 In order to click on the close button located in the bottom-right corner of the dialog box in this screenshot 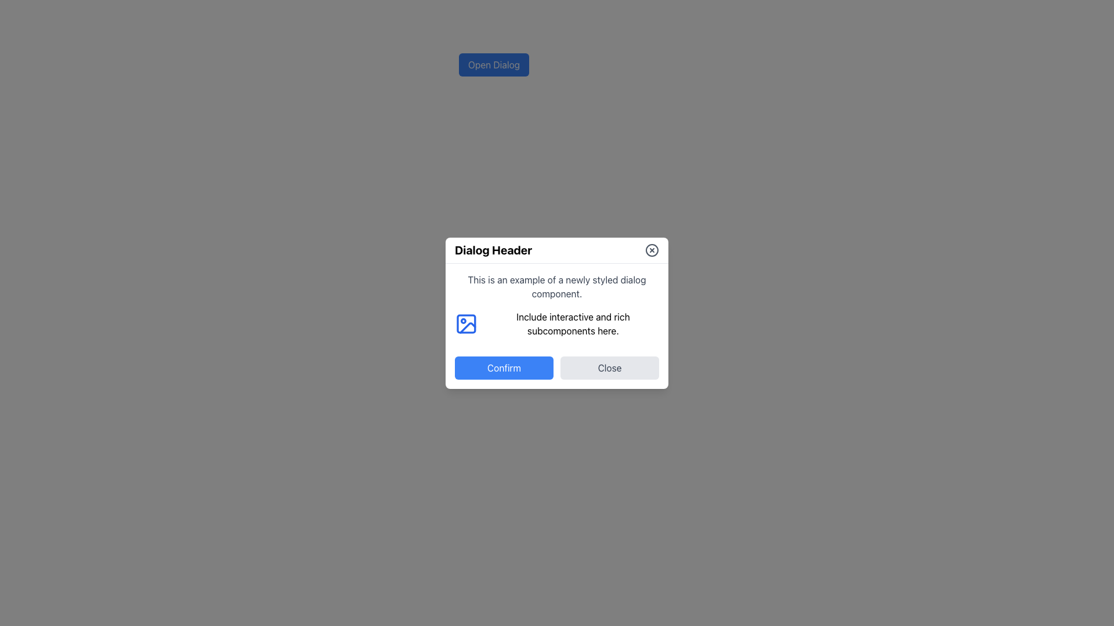, I will do `click(609, 367)`.